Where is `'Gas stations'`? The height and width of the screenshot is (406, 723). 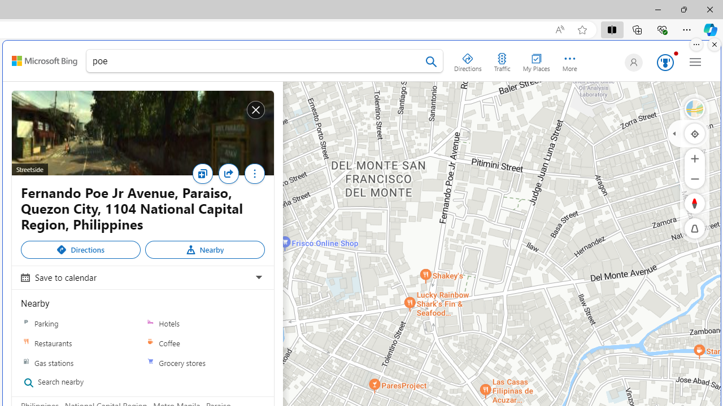 'Gas stations' is located at coordinates (80, 363).